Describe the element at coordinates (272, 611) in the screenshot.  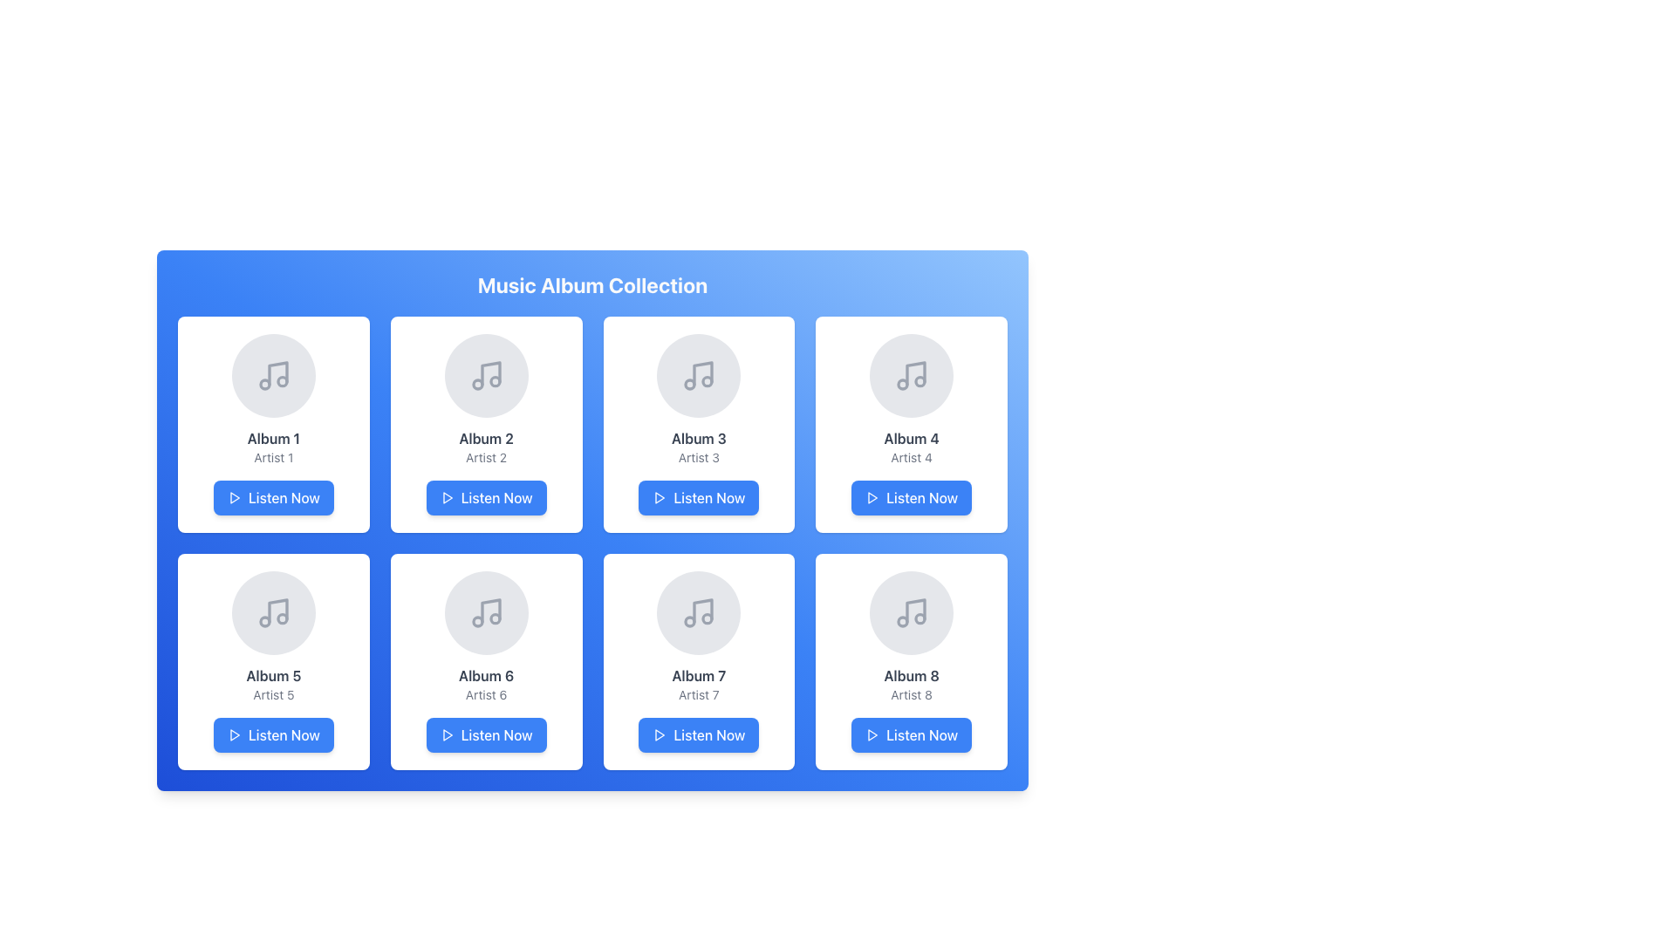
I see `the music note icon, which is the fifth item in a two-row grid layout of music album cards, specifically located in the card labeled 'Album 5' by 'Artist 5', centered within a rounded square card with a white backdrop` at that location.